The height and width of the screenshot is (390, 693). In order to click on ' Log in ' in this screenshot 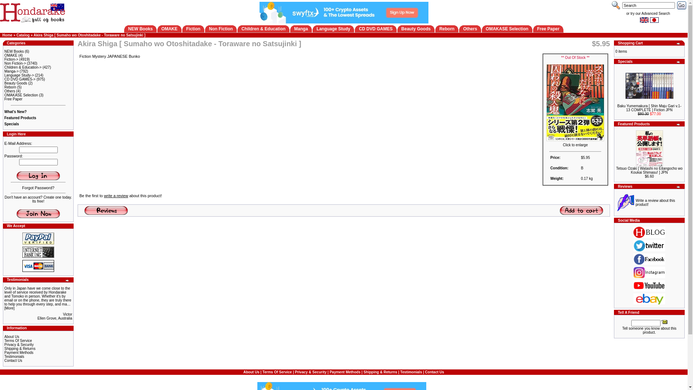, I will do `click(38, 175)`.